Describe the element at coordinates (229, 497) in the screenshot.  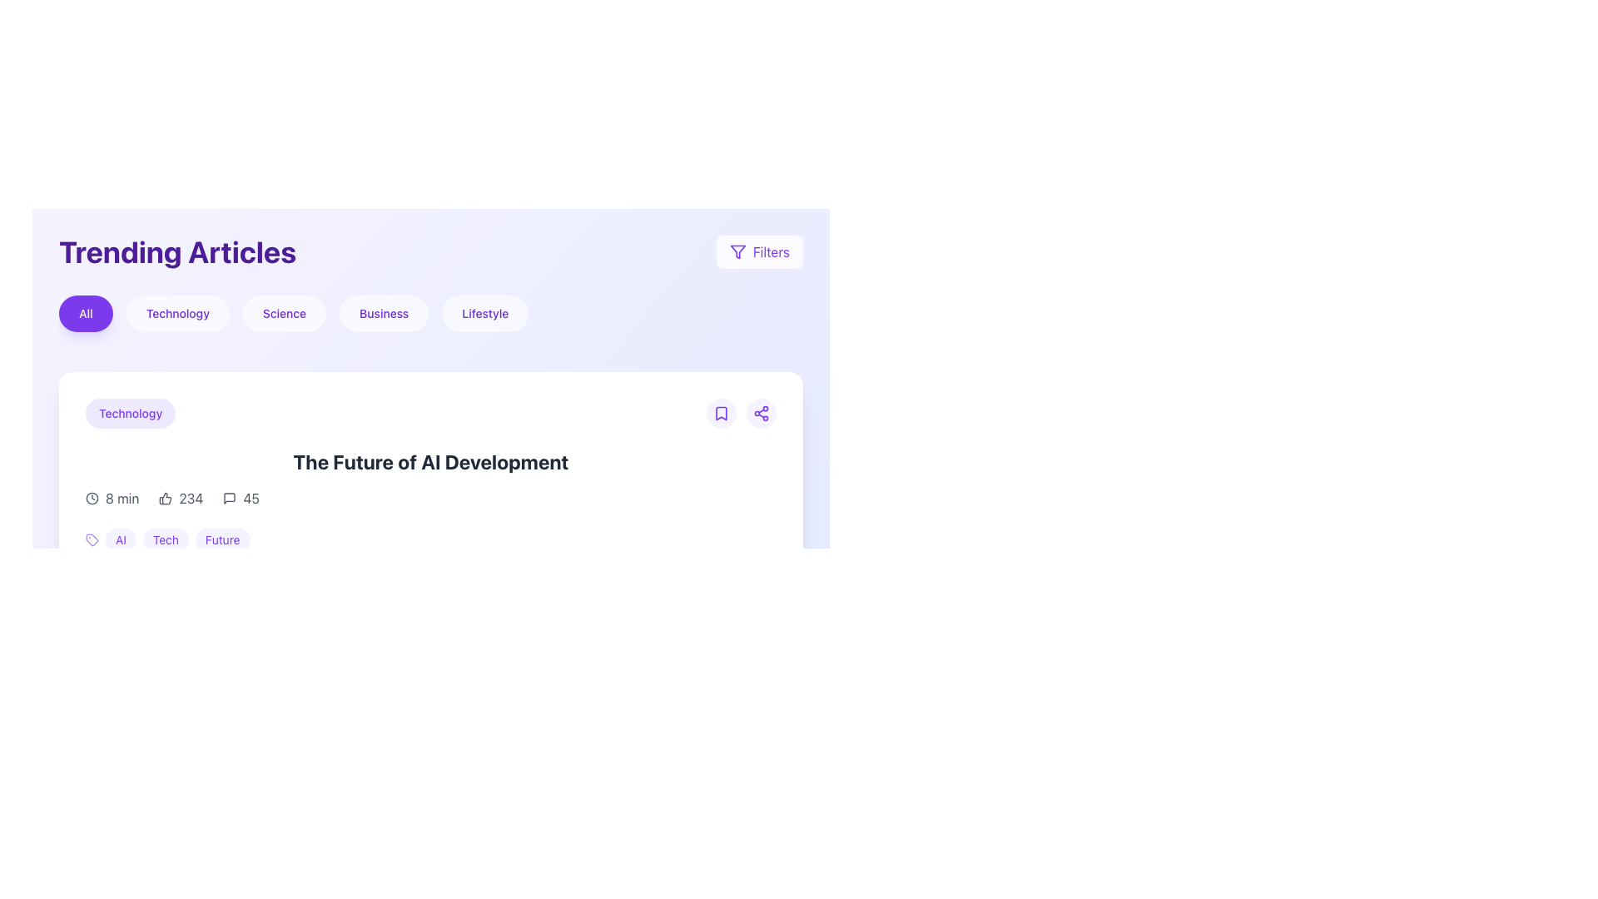
I see `the comment icon located at the bottom-left corner of the highlighted article section` at that location.